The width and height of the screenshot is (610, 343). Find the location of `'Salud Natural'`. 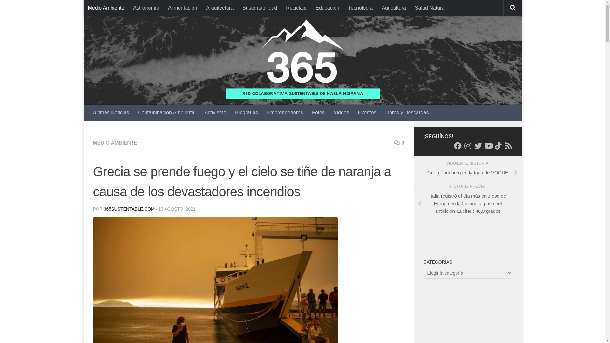

'Salud Natural' is located at coordinates (410, 8).